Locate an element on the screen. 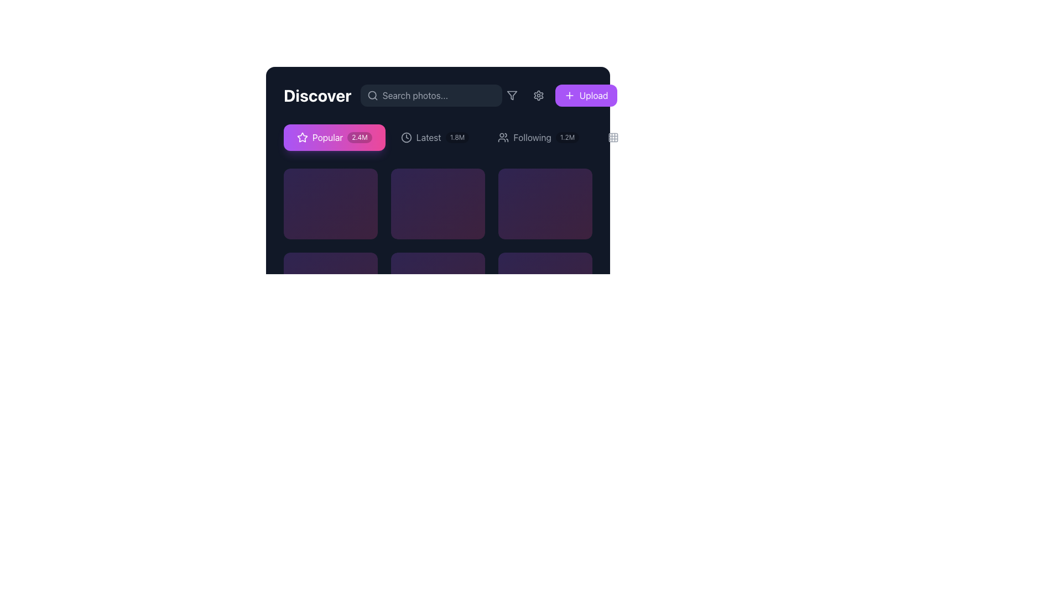  to activate the 'Latest' category in the Navigation Menu, which is located beneath the main navigation header and is the second horizontal section with options including 'Popular', 'Latest', 'Following', and 'Collections' is located at coordinates (438, 137).